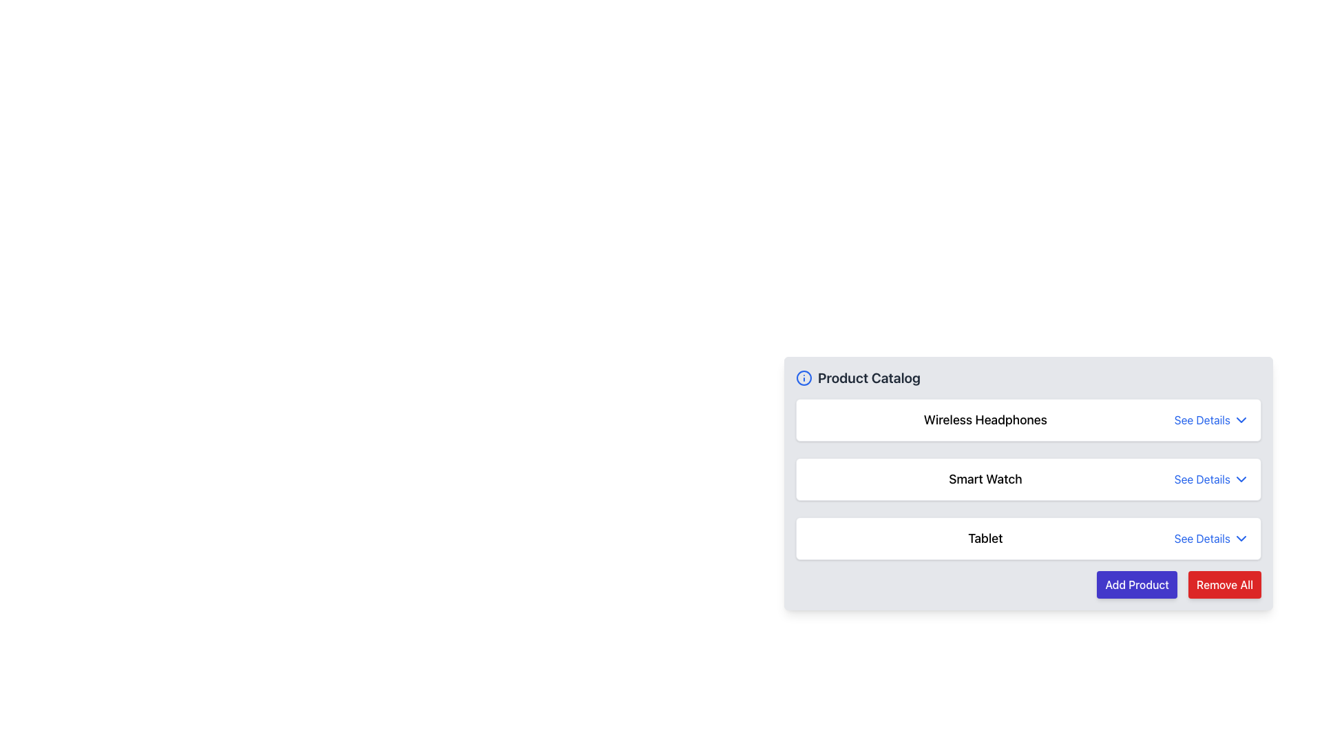 The width and height of the screenshot is (1322, 744). Describe the element at coordinates (1212, 538) in the screenshot. I see `the interactive link or button for 'Tablet' located at the far-right side of the third row` at that location.